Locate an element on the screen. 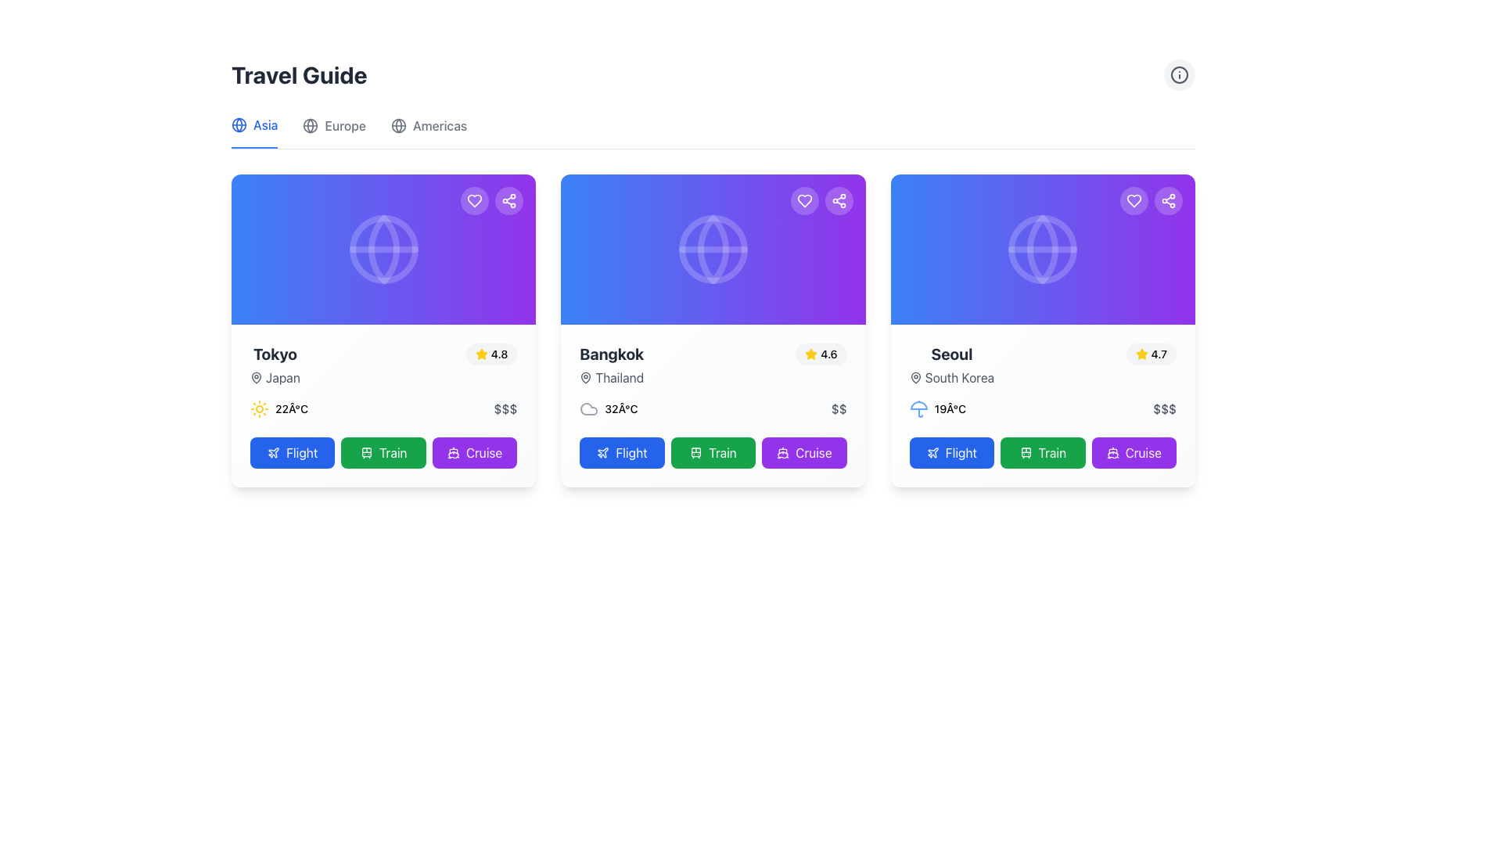  the sunny weather icon located in the weather information section of the Tokyo card, which is positioned to the left of the '22°C' text and below the 'Japan' text is located at coordinates (259, 408).